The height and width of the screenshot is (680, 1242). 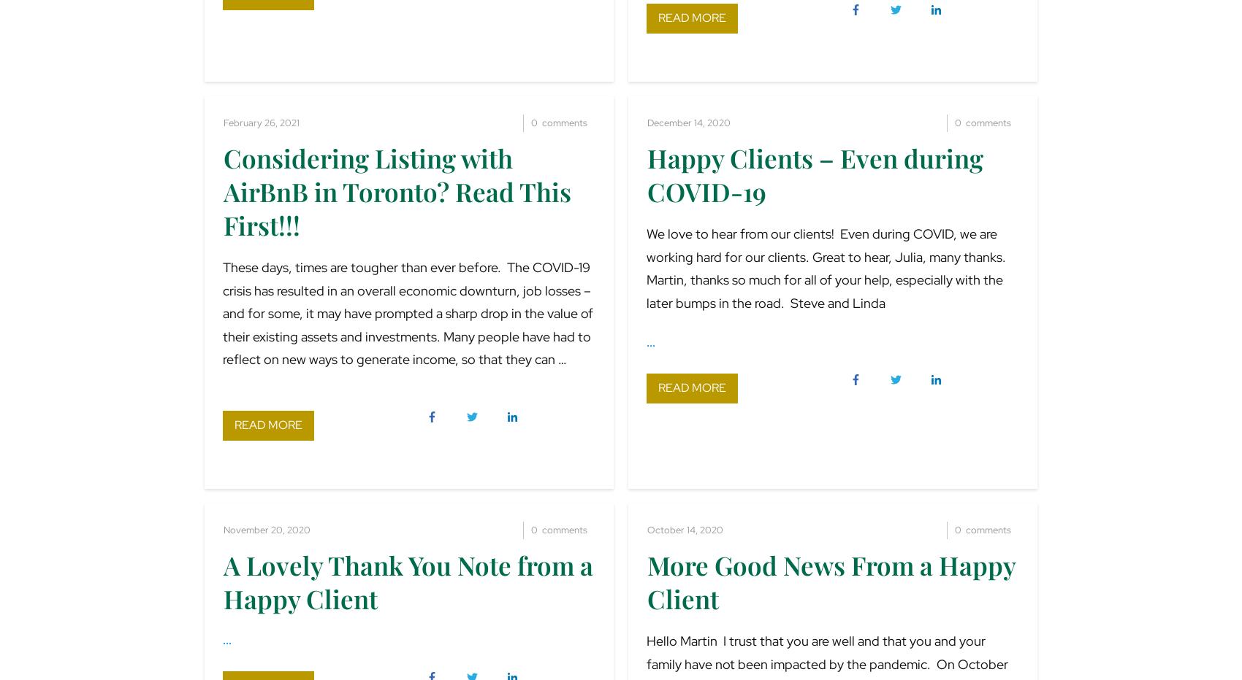 What do you see at coordinates (815, 174) in the screenshot?
I see `'Happy Clients – Even during COVID-19'` at bounding box center [815, 174].